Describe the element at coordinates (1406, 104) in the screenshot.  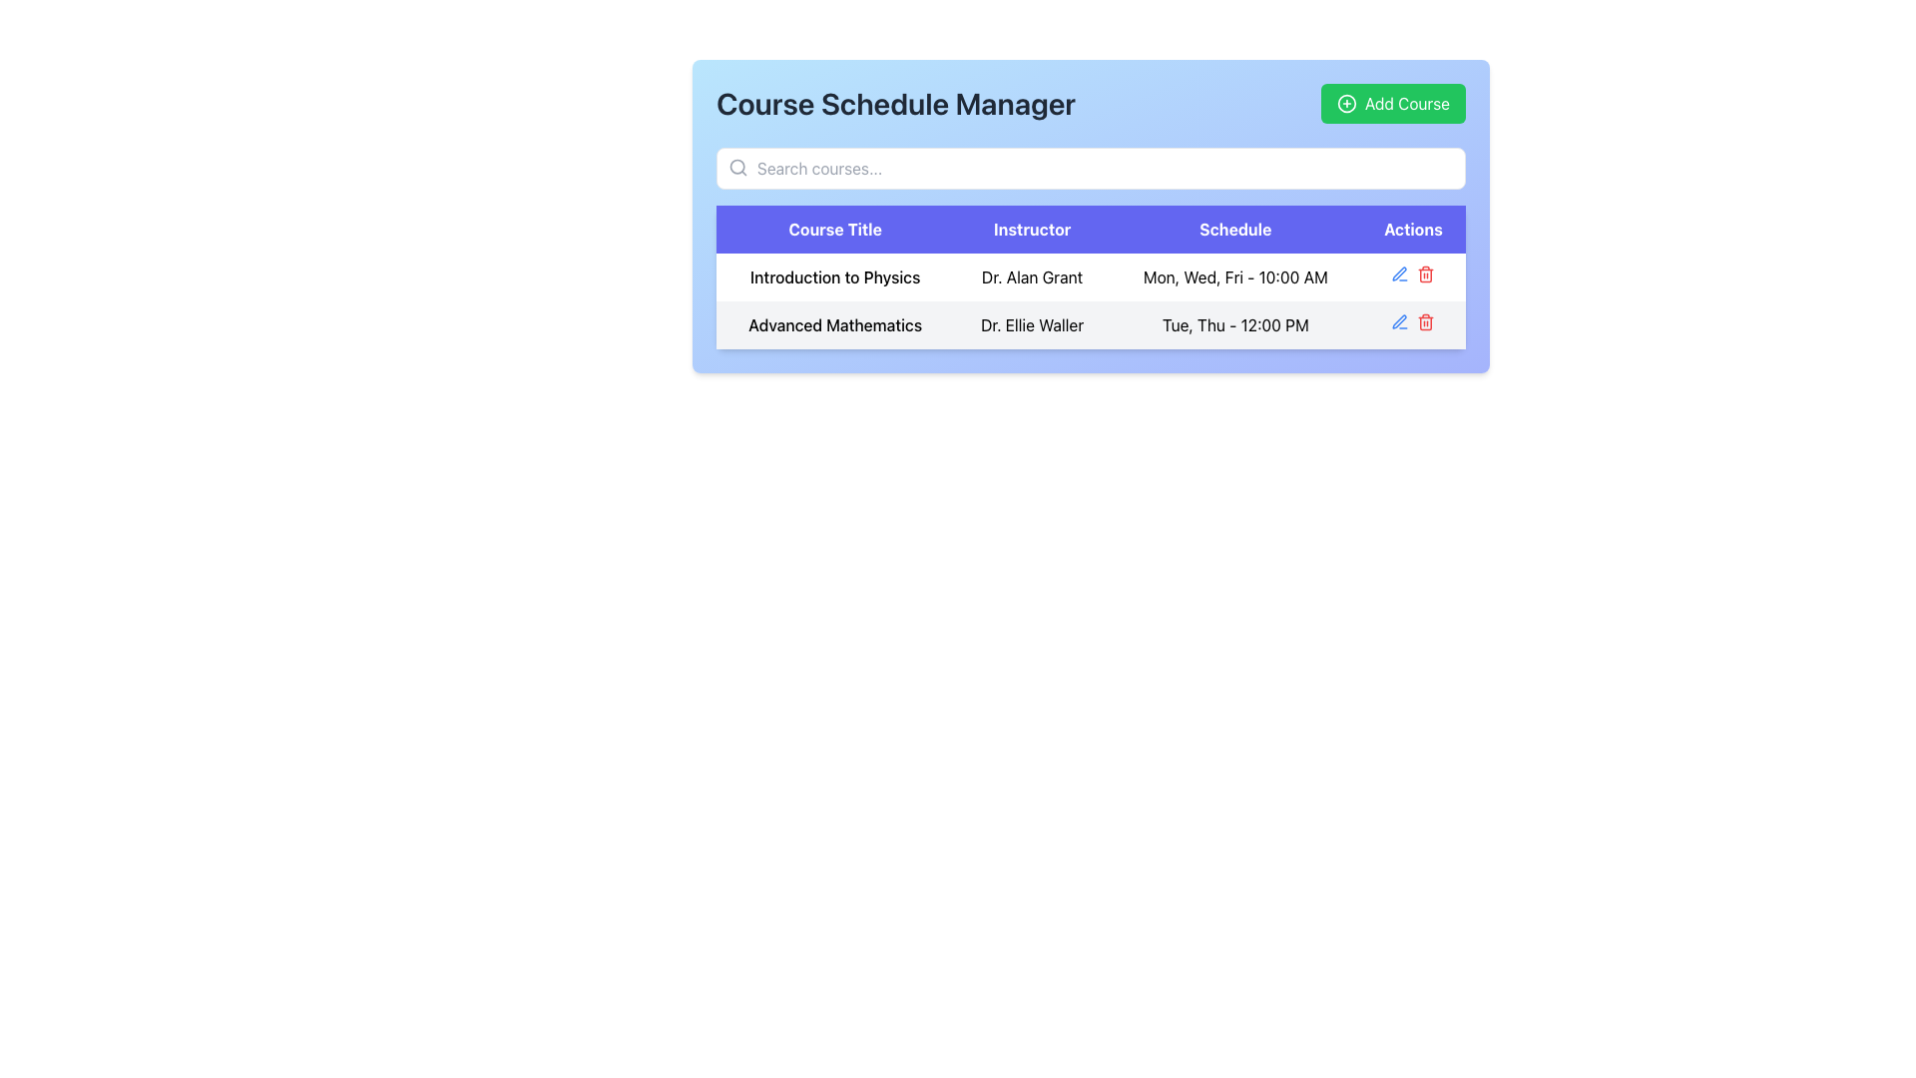
I see `the 'Add Course' text label, which is displayed in white within a green rectangular button with rounded corners` at that location.